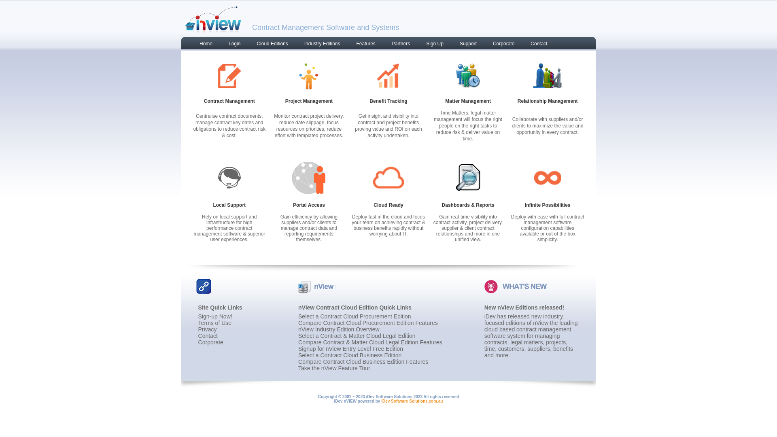 This screenshot has height=437, width=777. What do you see at coordinates (380, 401) in the screenshot?
I see `'iDev Software Solutions.com.au'` at bounding box center [380, 401].